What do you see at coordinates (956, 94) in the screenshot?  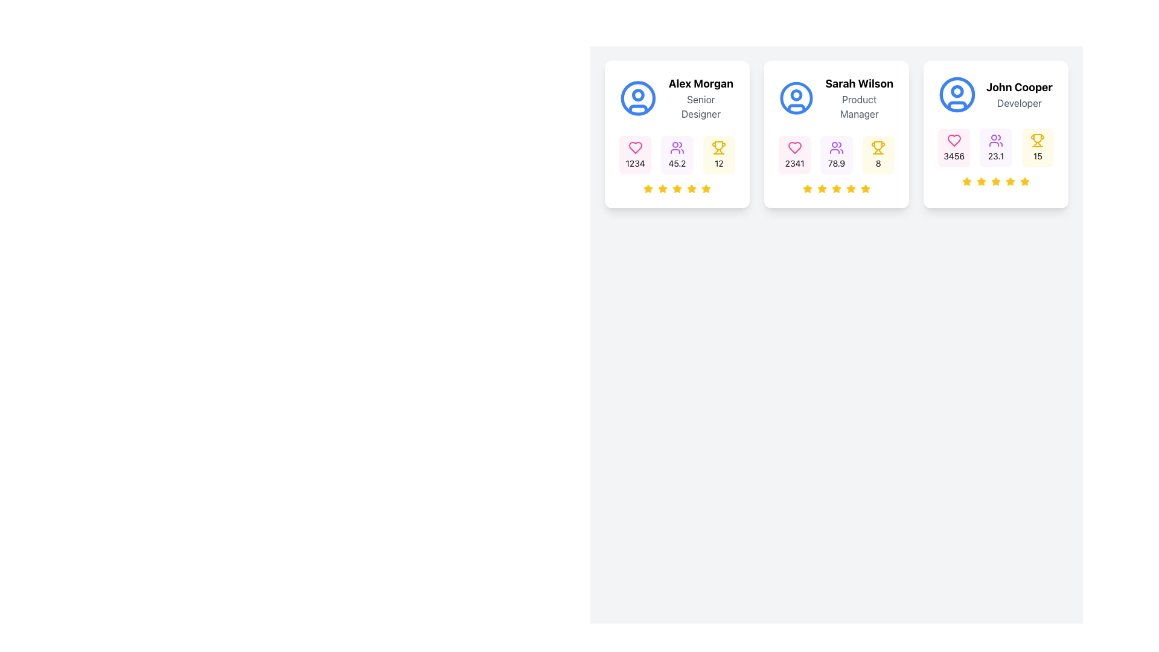 I see `the circular graphical element representing the outline of the user's profile icon located at the top of the John Cooper card, which is the third card in a row of user cards on the right-hand side of the interface` at bounding box center [956, 94].